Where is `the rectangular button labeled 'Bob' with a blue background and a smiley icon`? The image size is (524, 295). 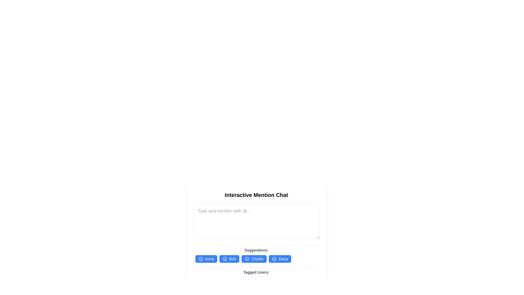
the rectangular button labeled 'Bob' with a blue background and a smiley icon is located at coordinates (229, 259).